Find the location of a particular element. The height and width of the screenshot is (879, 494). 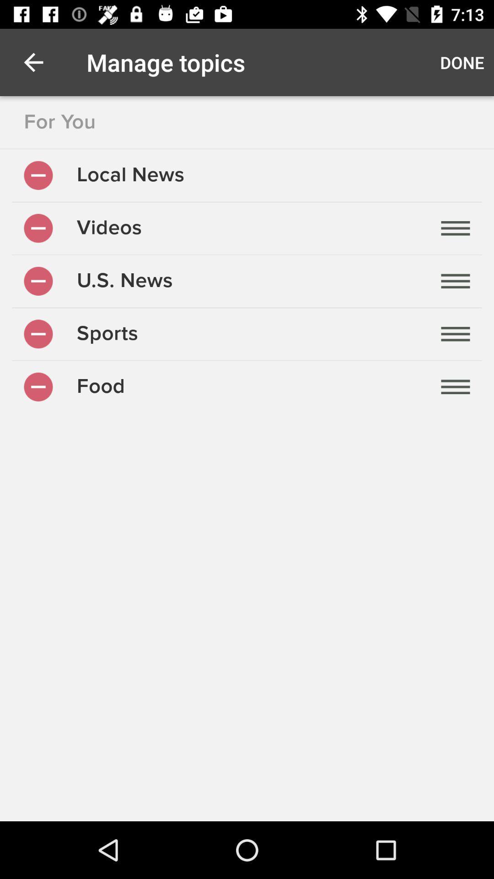

remove u.s news is located at coordinates (38, 281).